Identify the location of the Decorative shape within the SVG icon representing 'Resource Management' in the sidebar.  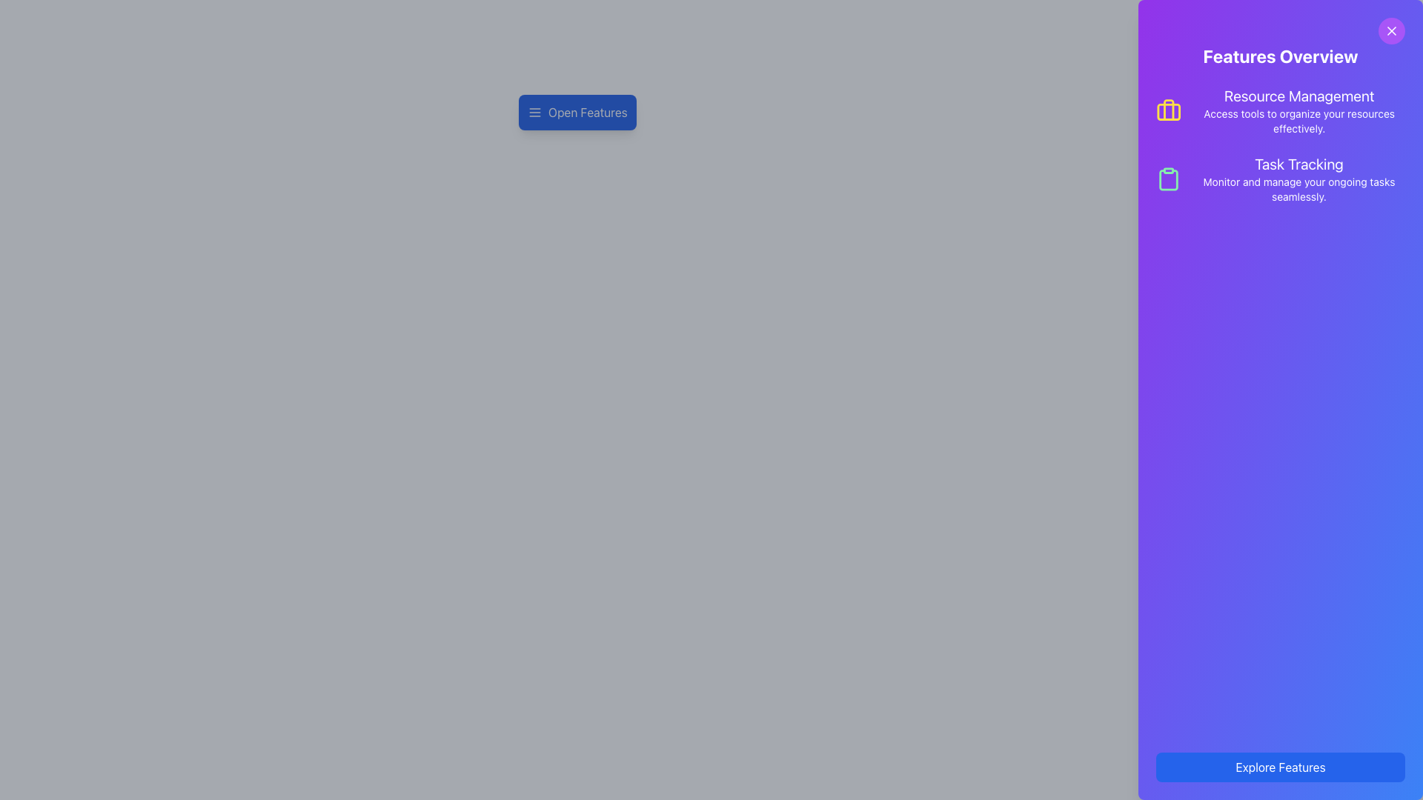
(1168, 111).